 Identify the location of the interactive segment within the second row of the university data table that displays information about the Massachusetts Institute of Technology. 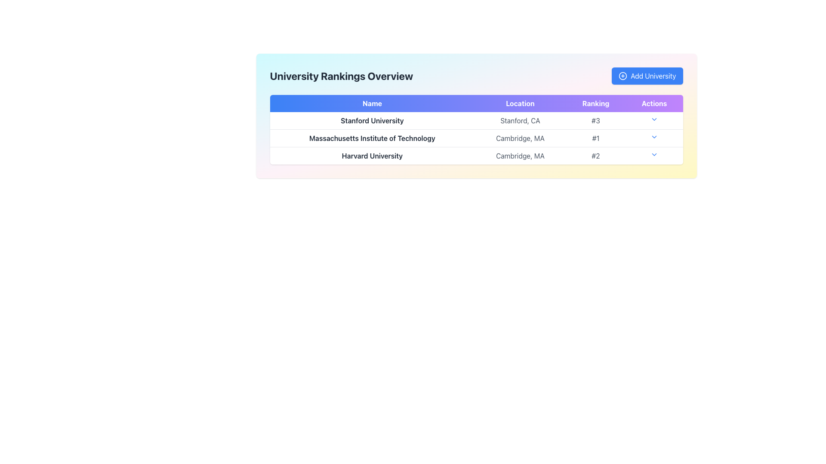
(476, 137).